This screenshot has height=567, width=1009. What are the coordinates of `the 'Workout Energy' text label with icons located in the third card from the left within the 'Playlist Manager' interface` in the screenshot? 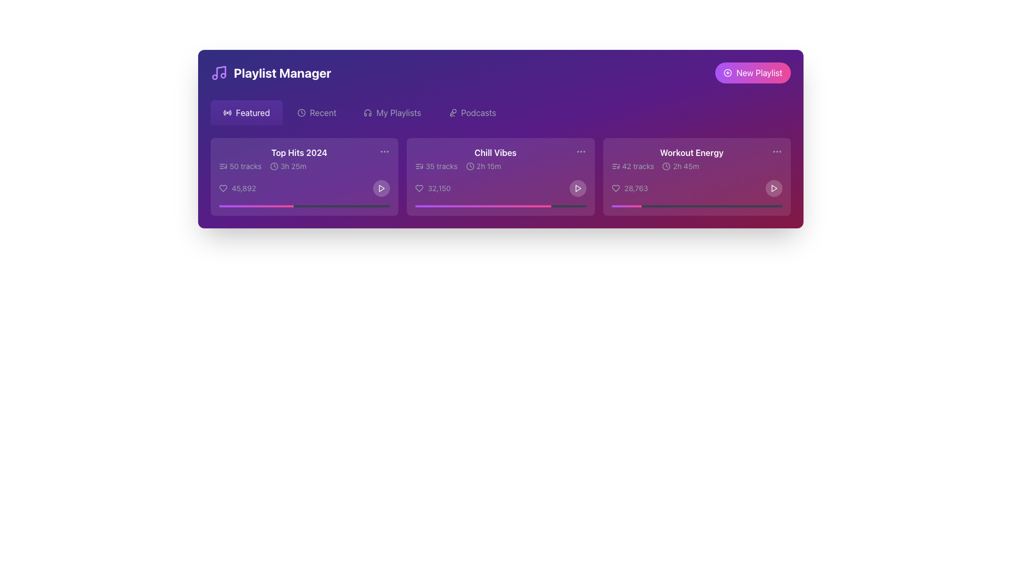 It's located at (692, 159).